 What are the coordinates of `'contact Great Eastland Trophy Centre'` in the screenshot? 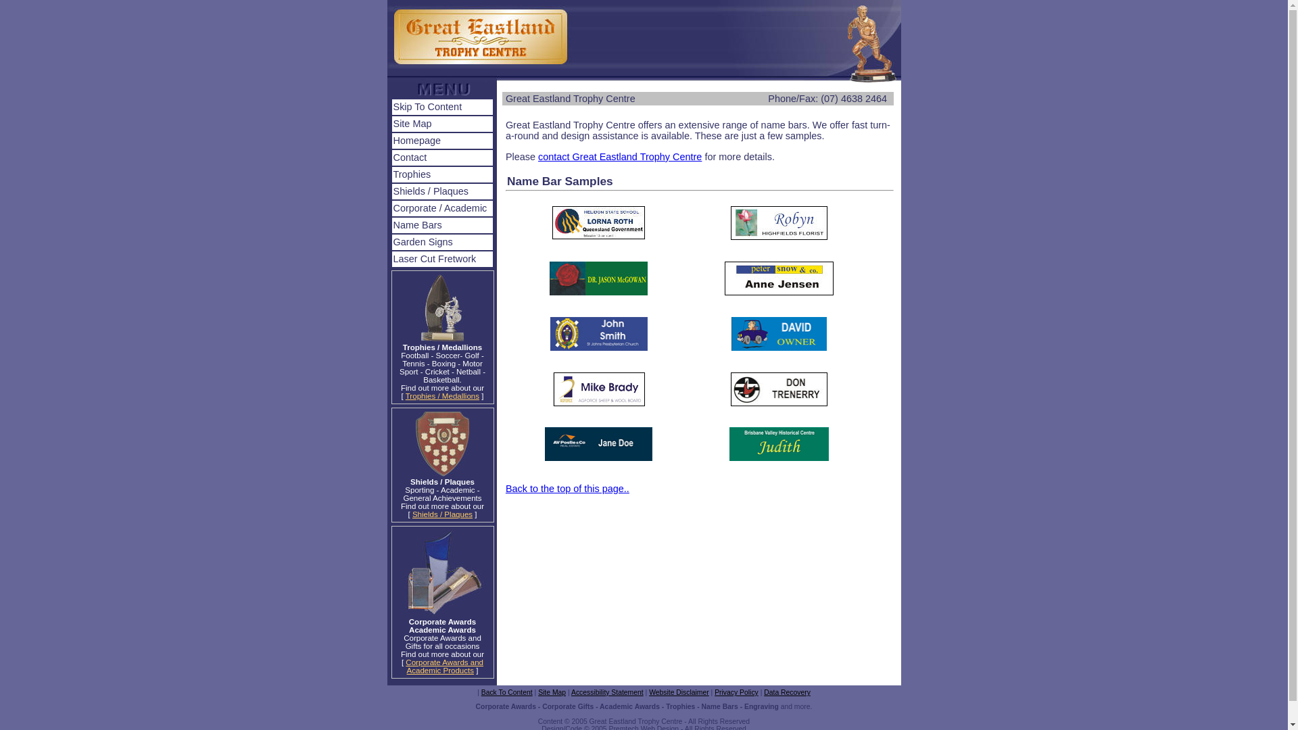 It's located at (537, 155).